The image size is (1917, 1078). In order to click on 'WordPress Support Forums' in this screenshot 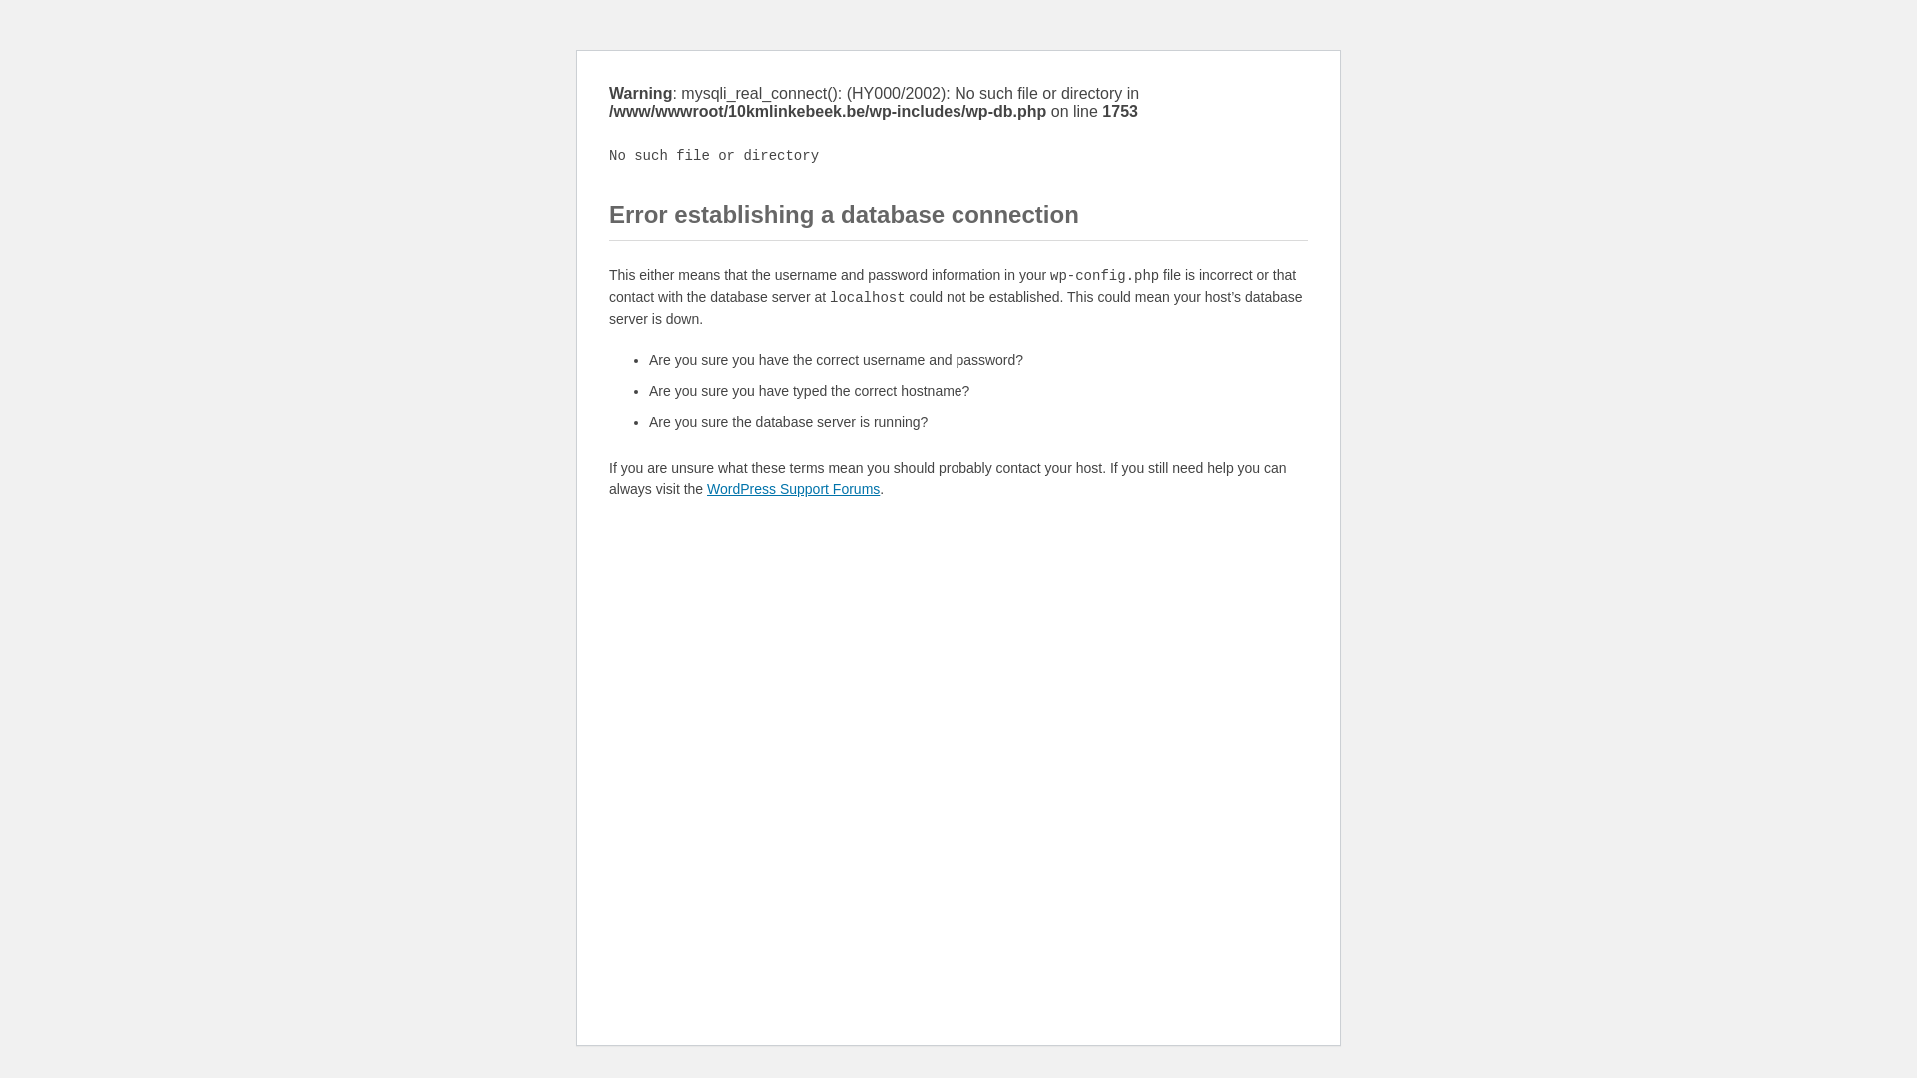, I will do `click(792, 488)`.